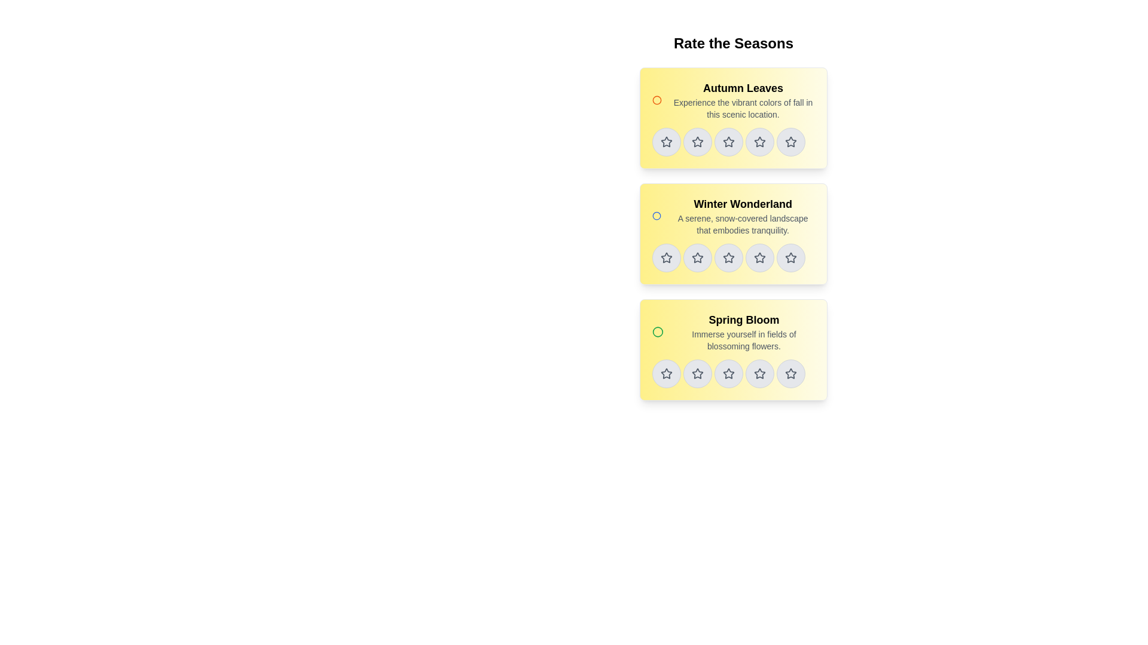 The image size is (1148, 645). I want to click on the fourth circular button with a light gray background and a star icon in the 'Winter Wonderland' section to give a rating, so click(759, 257).